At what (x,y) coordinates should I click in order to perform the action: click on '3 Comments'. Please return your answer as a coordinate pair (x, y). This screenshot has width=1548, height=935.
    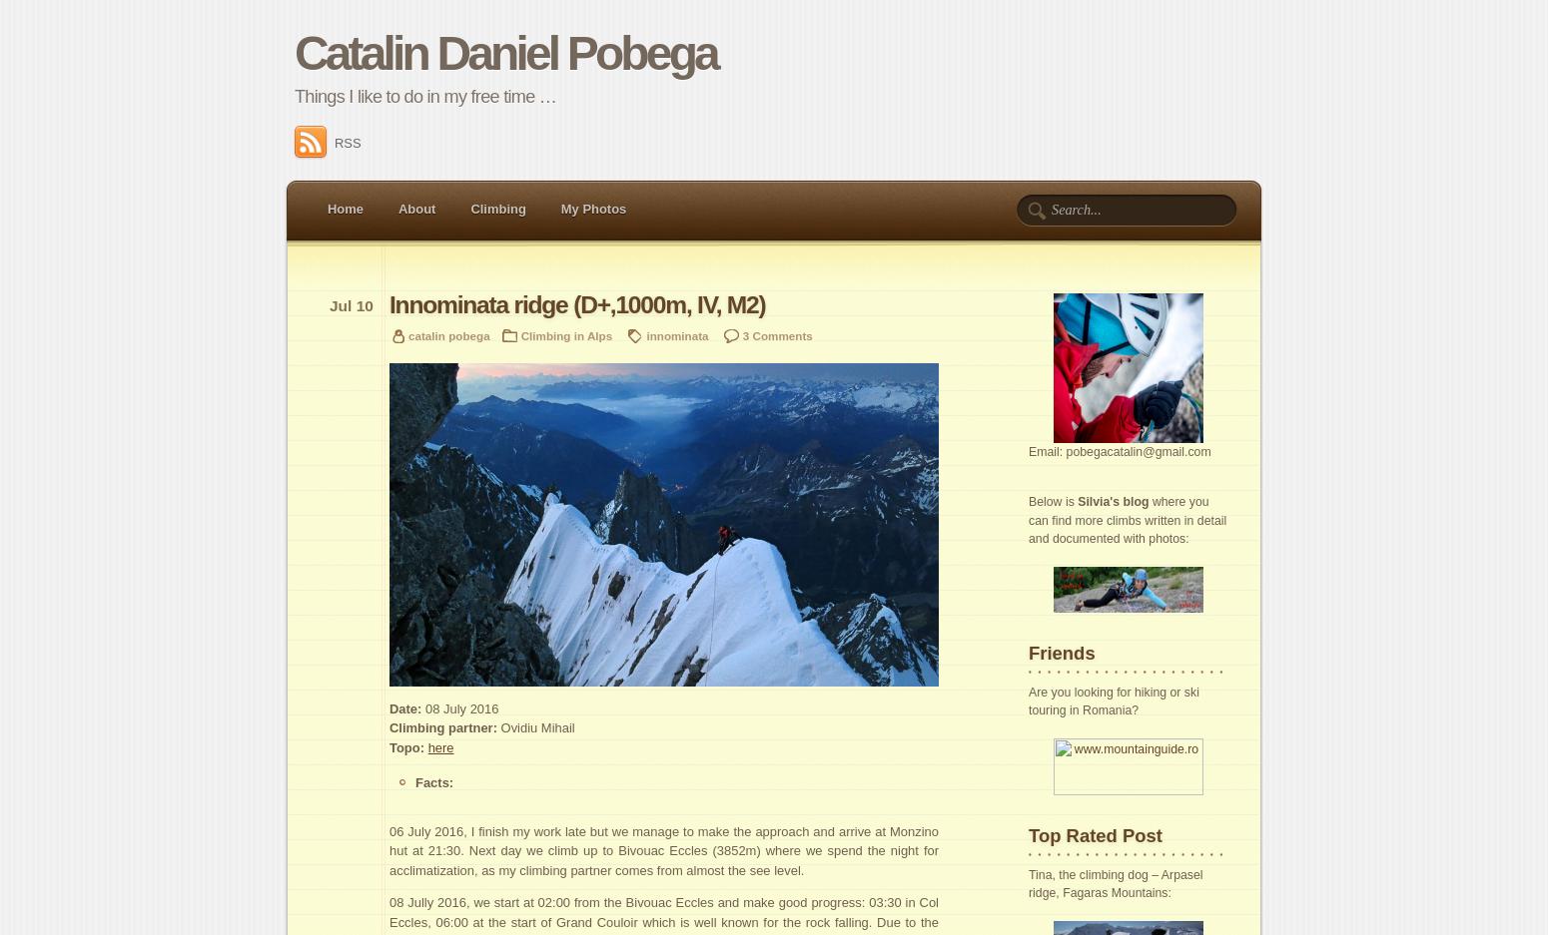
    Looking at the image, I should click on (742, 334).